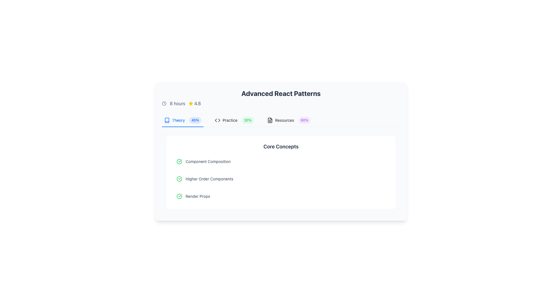  Describe the element at coordinates (230, 120) in the screenshot. I see `the 'Advanced React Patterns' text label` at that location.